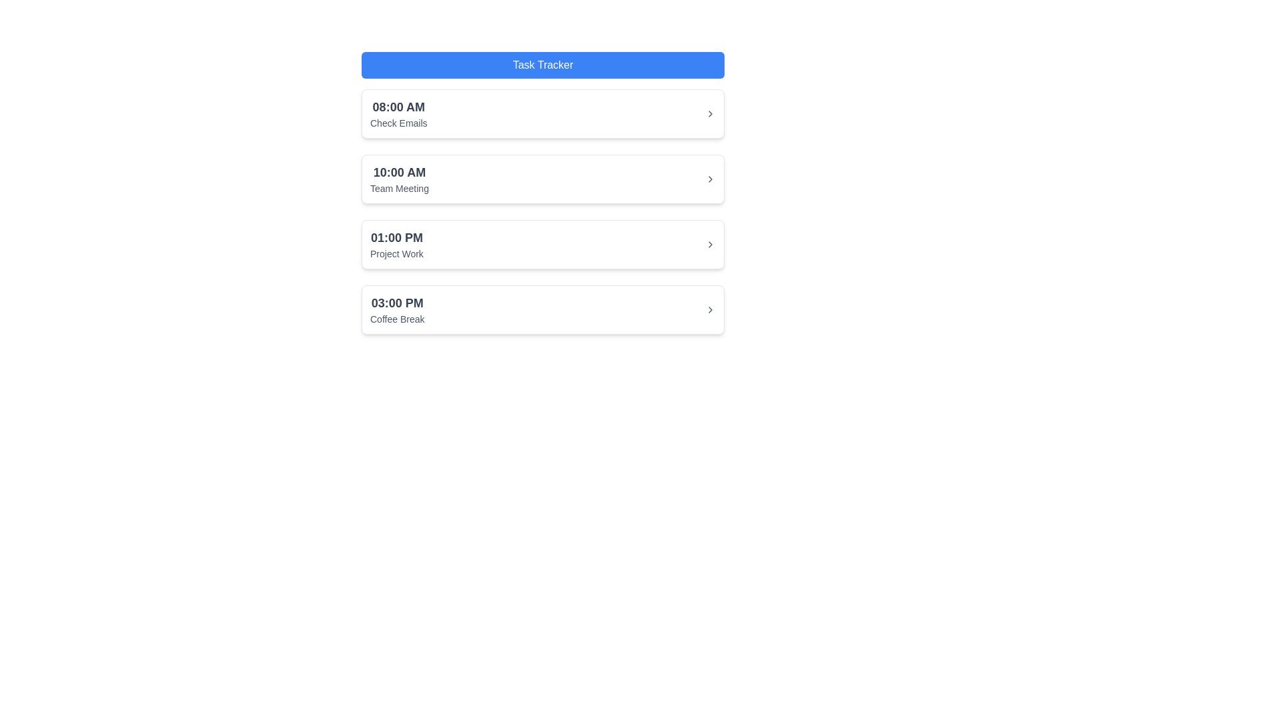  I want to click on the Text Label that displays the start time of the associated task, located at the top left of the first task entry, above the 'Check Emails' text, so click(398, 107).